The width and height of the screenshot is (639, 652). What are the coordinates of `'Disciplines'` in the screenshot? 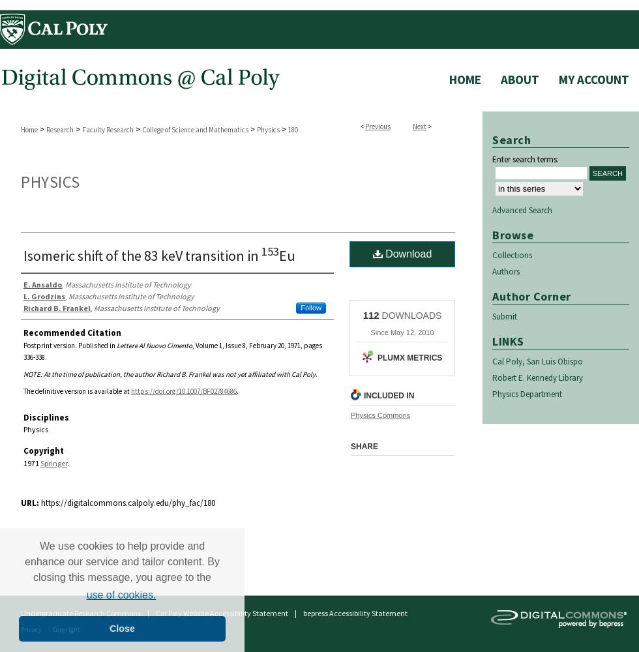 It's located at (46, 417).